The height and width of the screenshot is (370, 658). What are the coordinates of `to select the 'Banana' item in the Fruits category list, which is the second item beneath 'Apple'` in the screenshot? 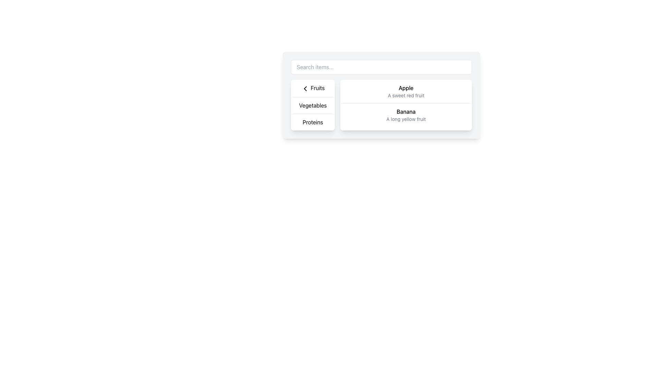 It's located at (406, 114).